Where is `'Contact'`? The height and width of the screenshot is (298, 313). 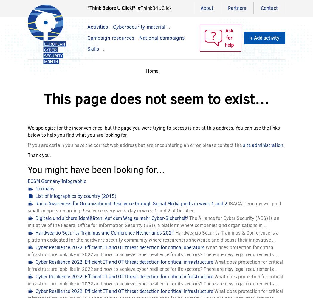
'Contact' is located at coordinates (269, 8).